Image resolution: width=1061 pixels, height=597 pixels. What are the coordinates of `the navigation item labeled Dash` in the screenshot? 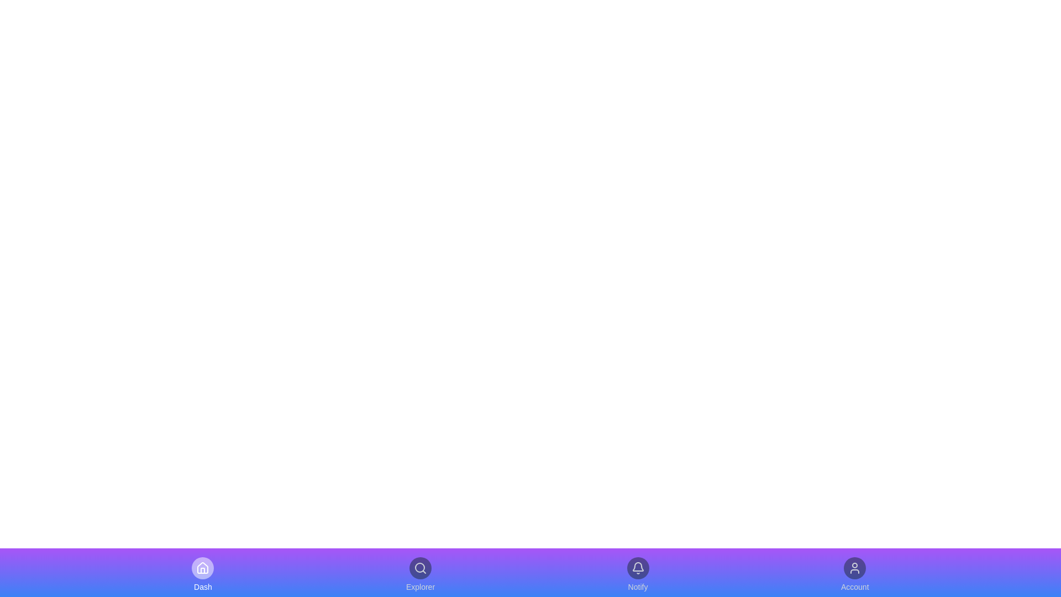 It's located at (203, 574).